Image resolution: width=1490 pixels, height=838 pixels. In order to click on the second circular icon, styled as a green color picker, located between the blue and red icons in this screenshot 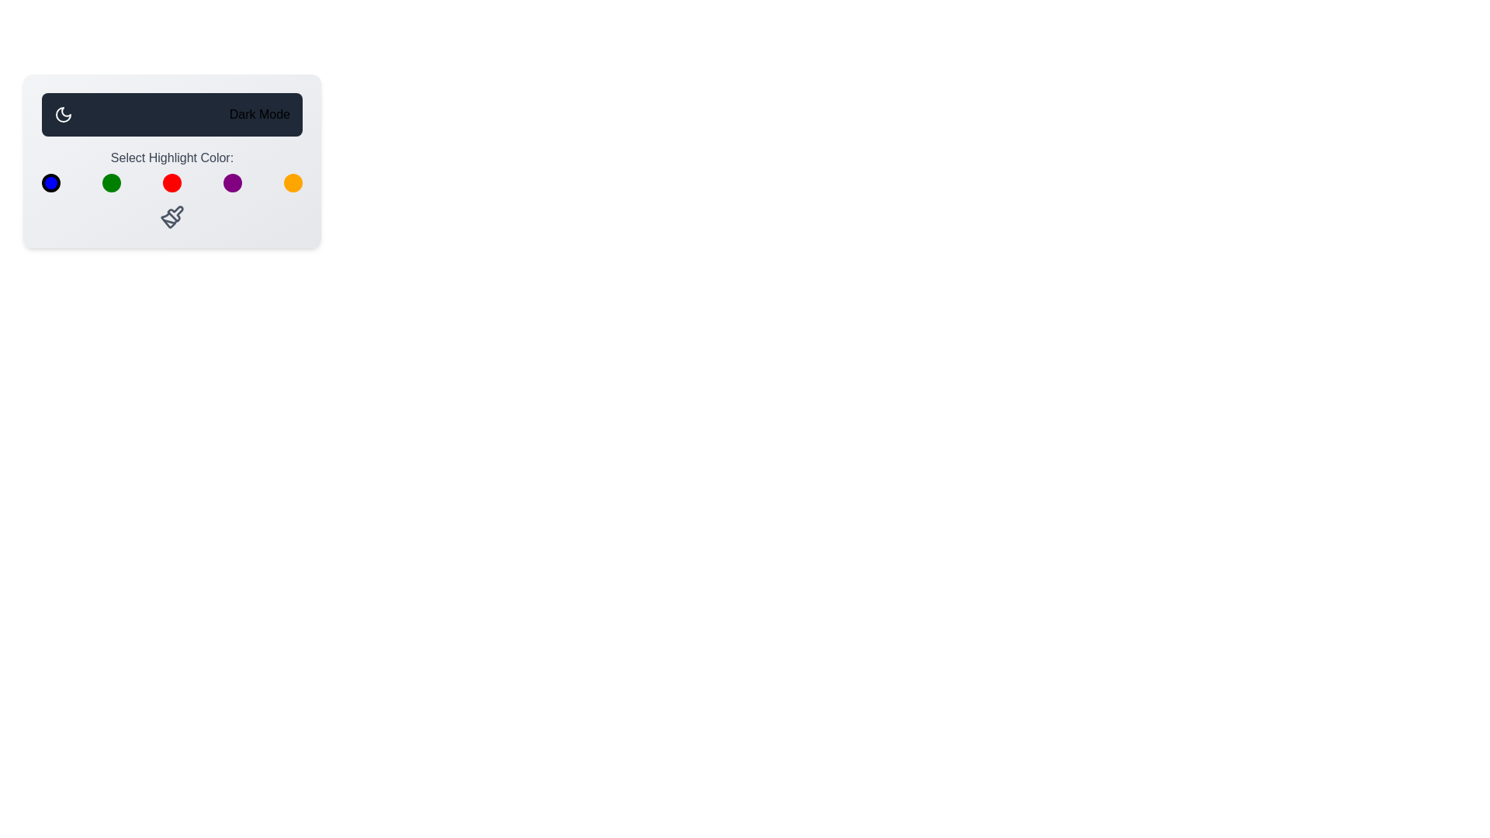, I will do `click(111, 182)`.